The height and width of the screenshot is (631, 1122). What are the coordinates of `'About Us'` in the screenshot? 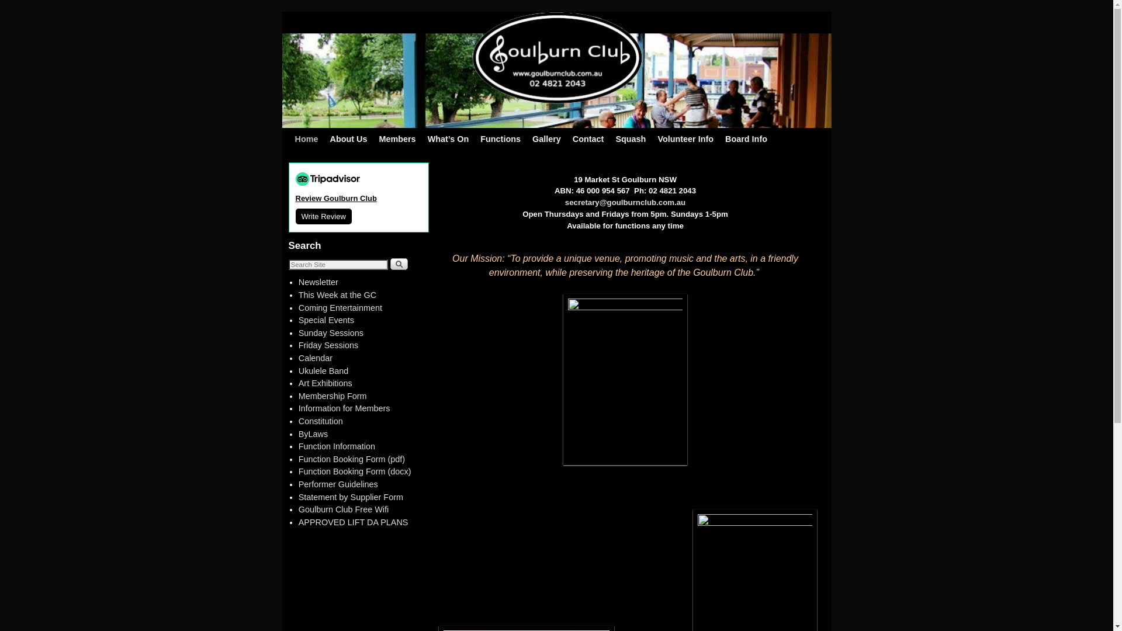 It's located at (347, 138).